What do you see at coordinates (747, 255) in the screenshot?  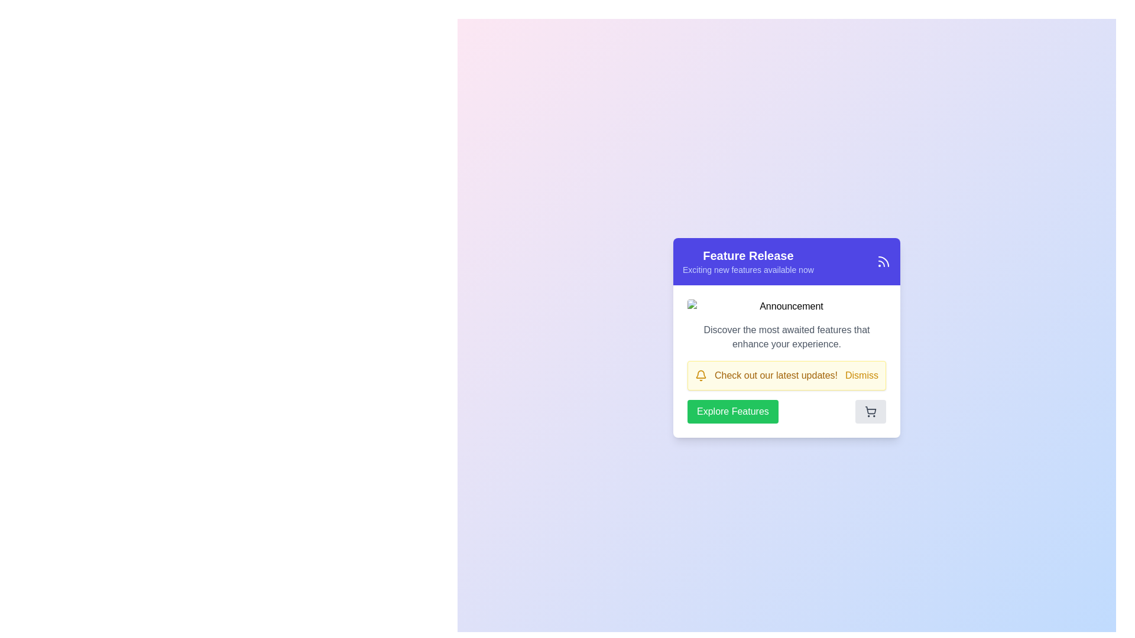 I see `bold text label 'Feature Release' which is centrally aligned on a purple background at the top of the notification card` at bounding box center [747, 255].